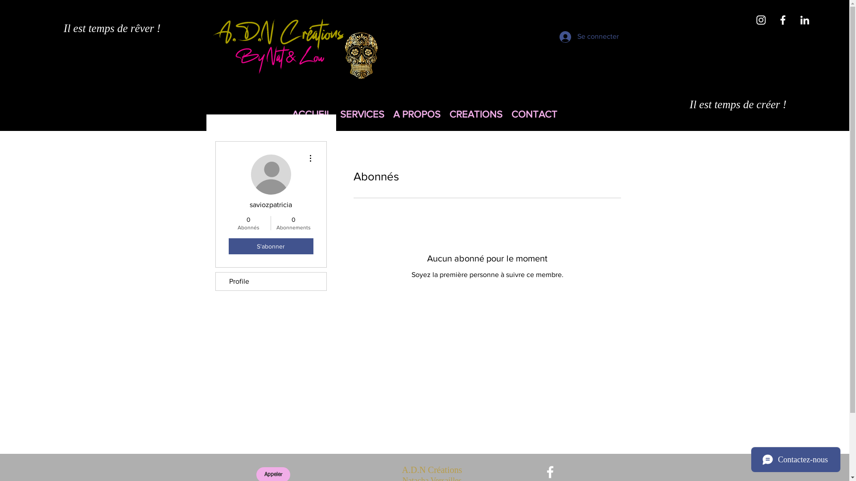  What do you see at coordinates (507, 114) in the screenshot?
I see `'CONTACT'` at bounding box center [507, 114].